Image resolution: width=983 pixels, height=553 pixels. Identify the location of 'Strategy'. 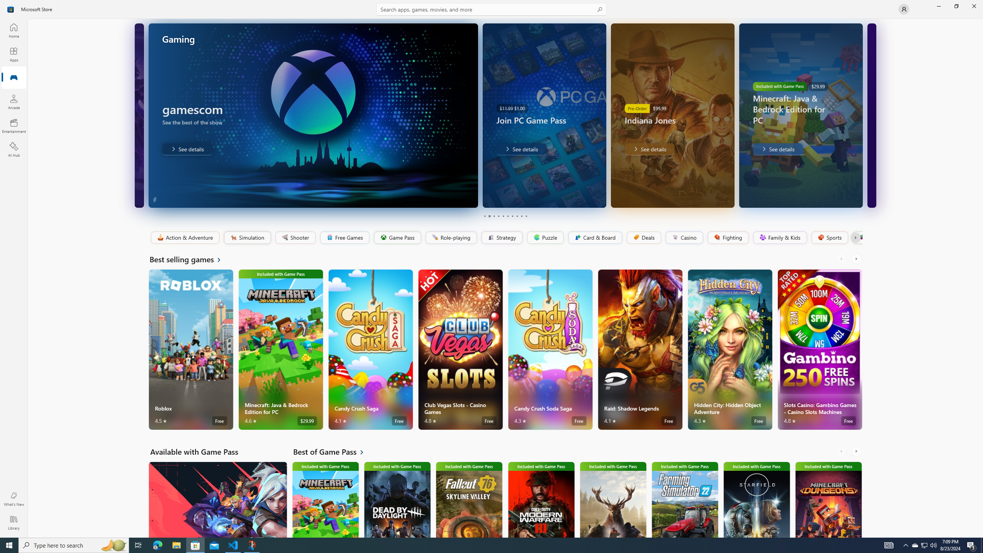
(501, 237).